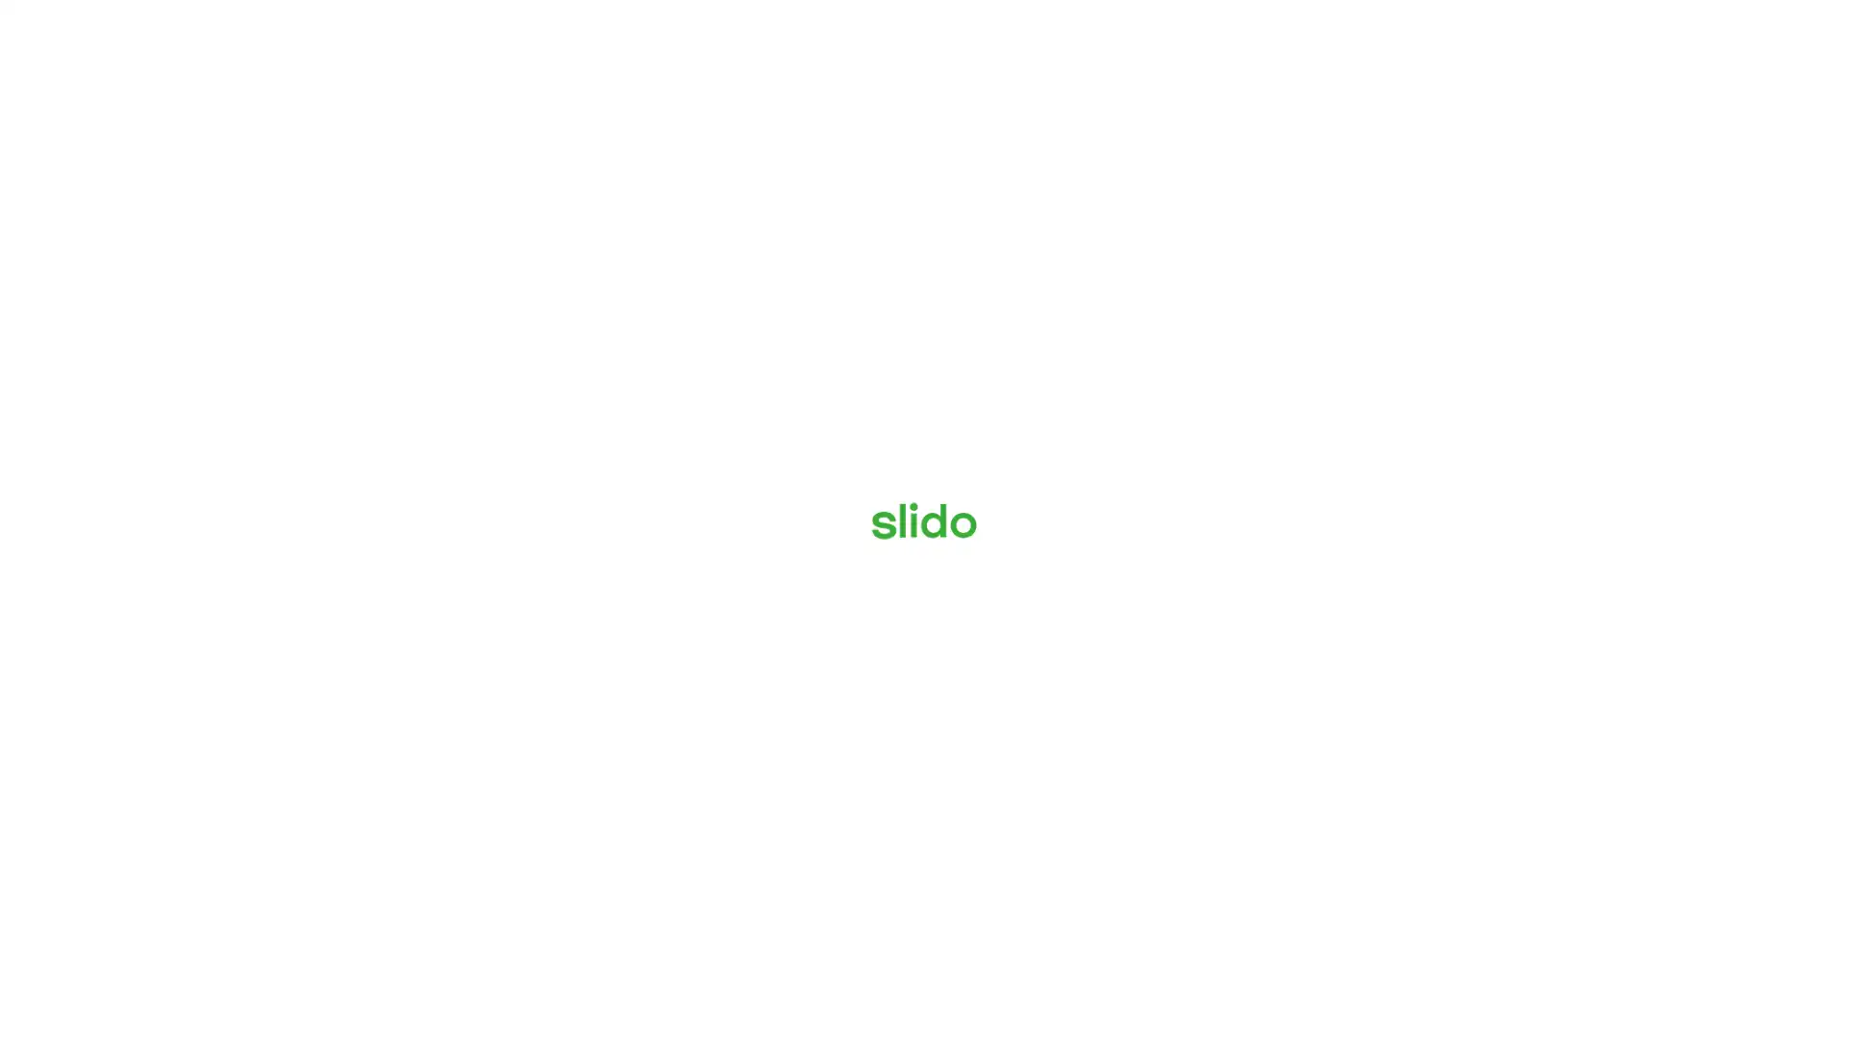 The image size is (1850, 1041). I want to click on 23 votes, Upvote question, so click(1707, 858).